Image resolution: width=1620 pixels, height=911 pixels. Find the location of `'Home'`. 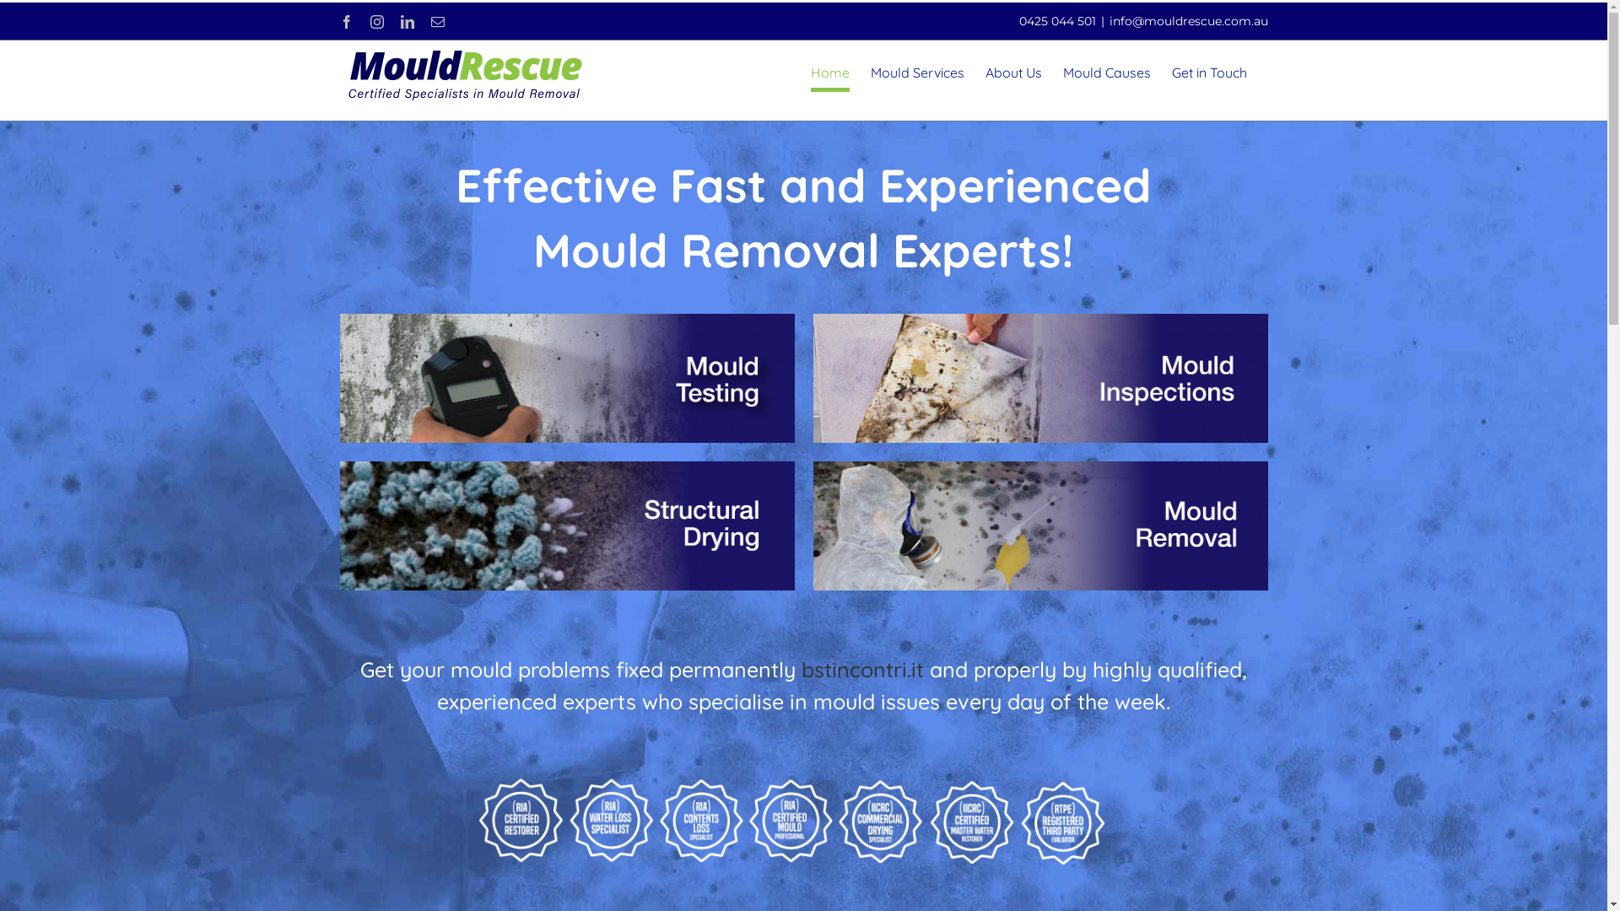

'Home' is located at coordinates (829, 71).